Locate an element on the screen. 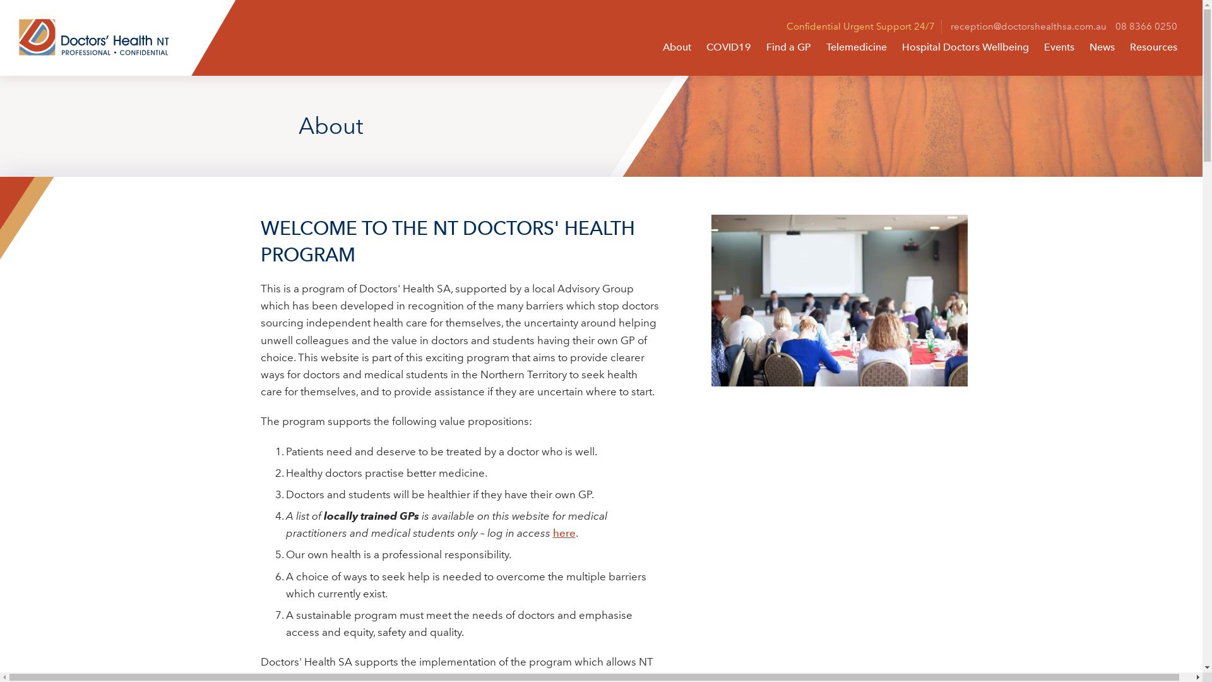 The height and width of the screenshot is (682, 1212). 'About' is located at coordinates (676, 46).